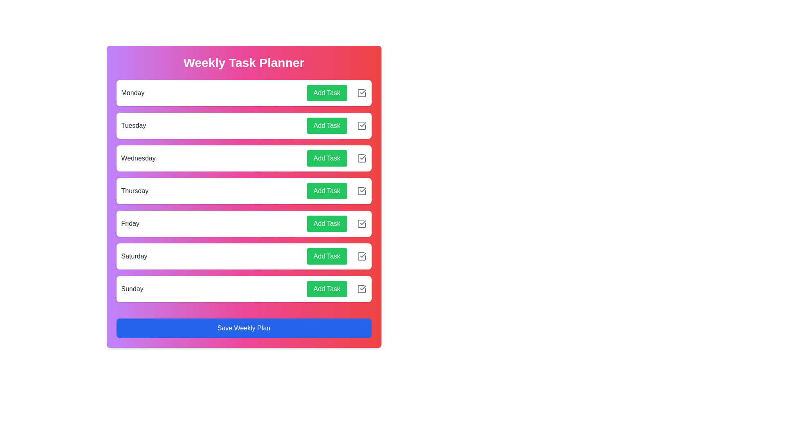  I want to click on the day name Thursday, so click(135, 191).